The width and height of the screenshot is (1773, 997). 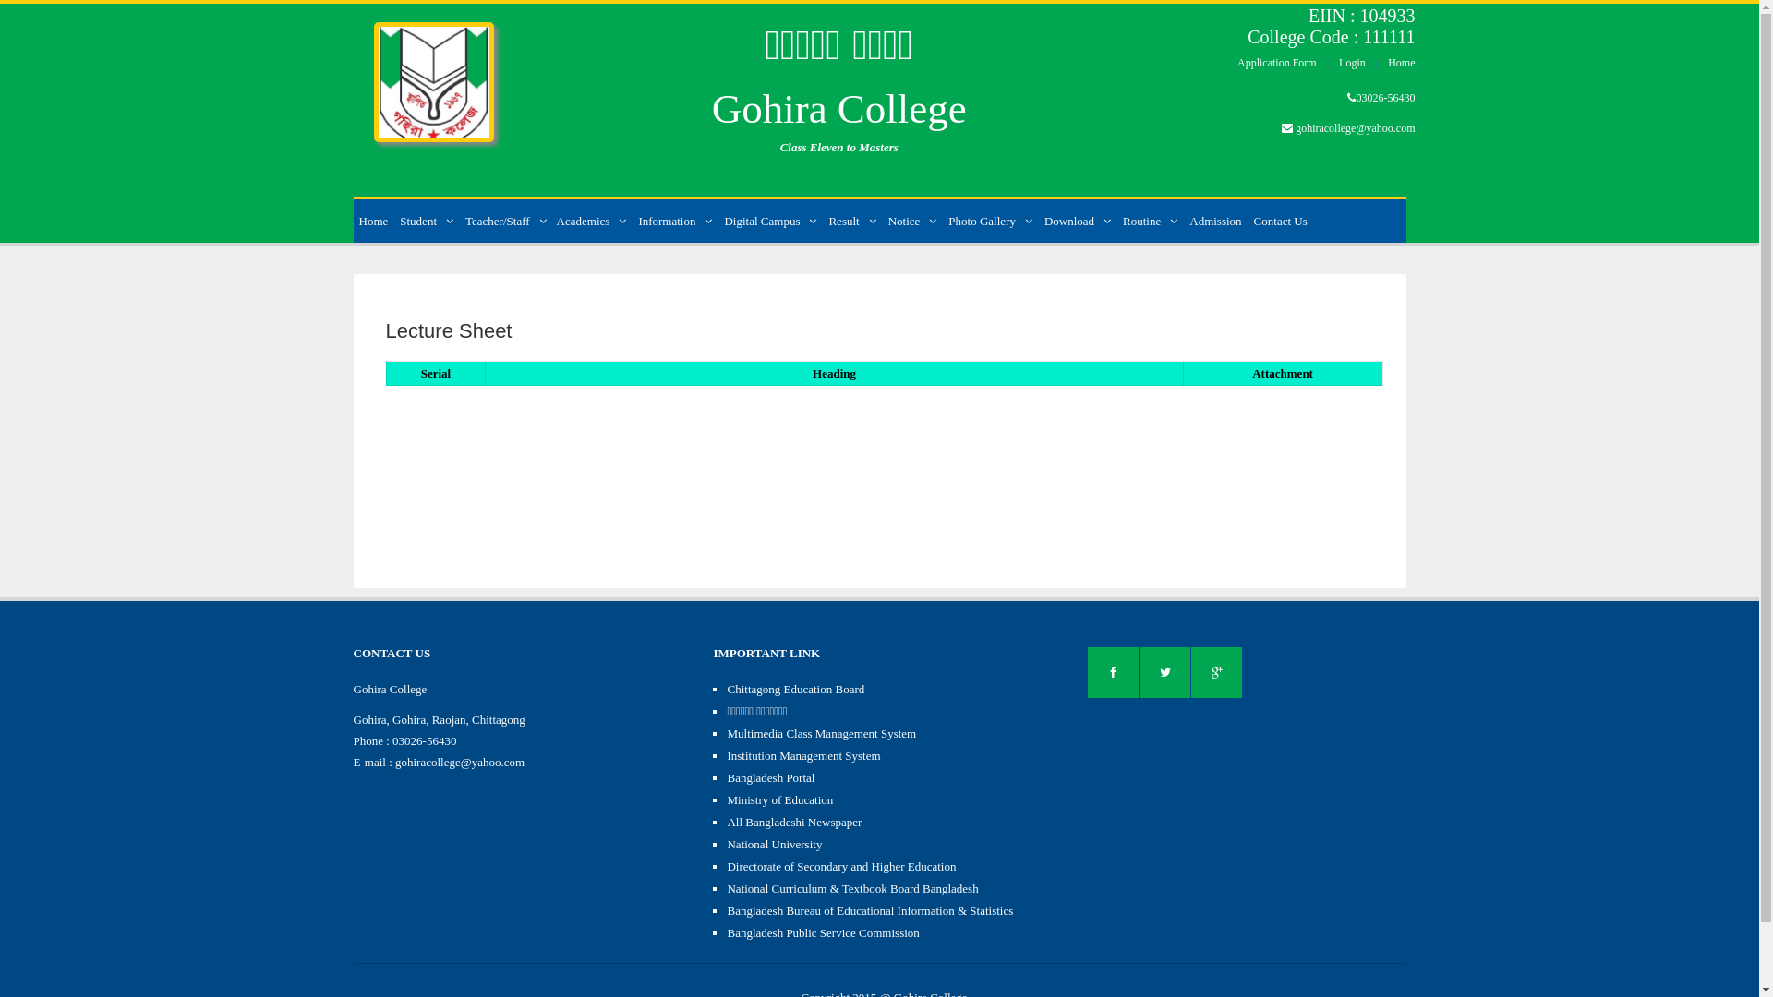 What do you see at coordinates (1077, 220) in the screenshot?
I see `'Download'` at bounding box center [1077, 220].